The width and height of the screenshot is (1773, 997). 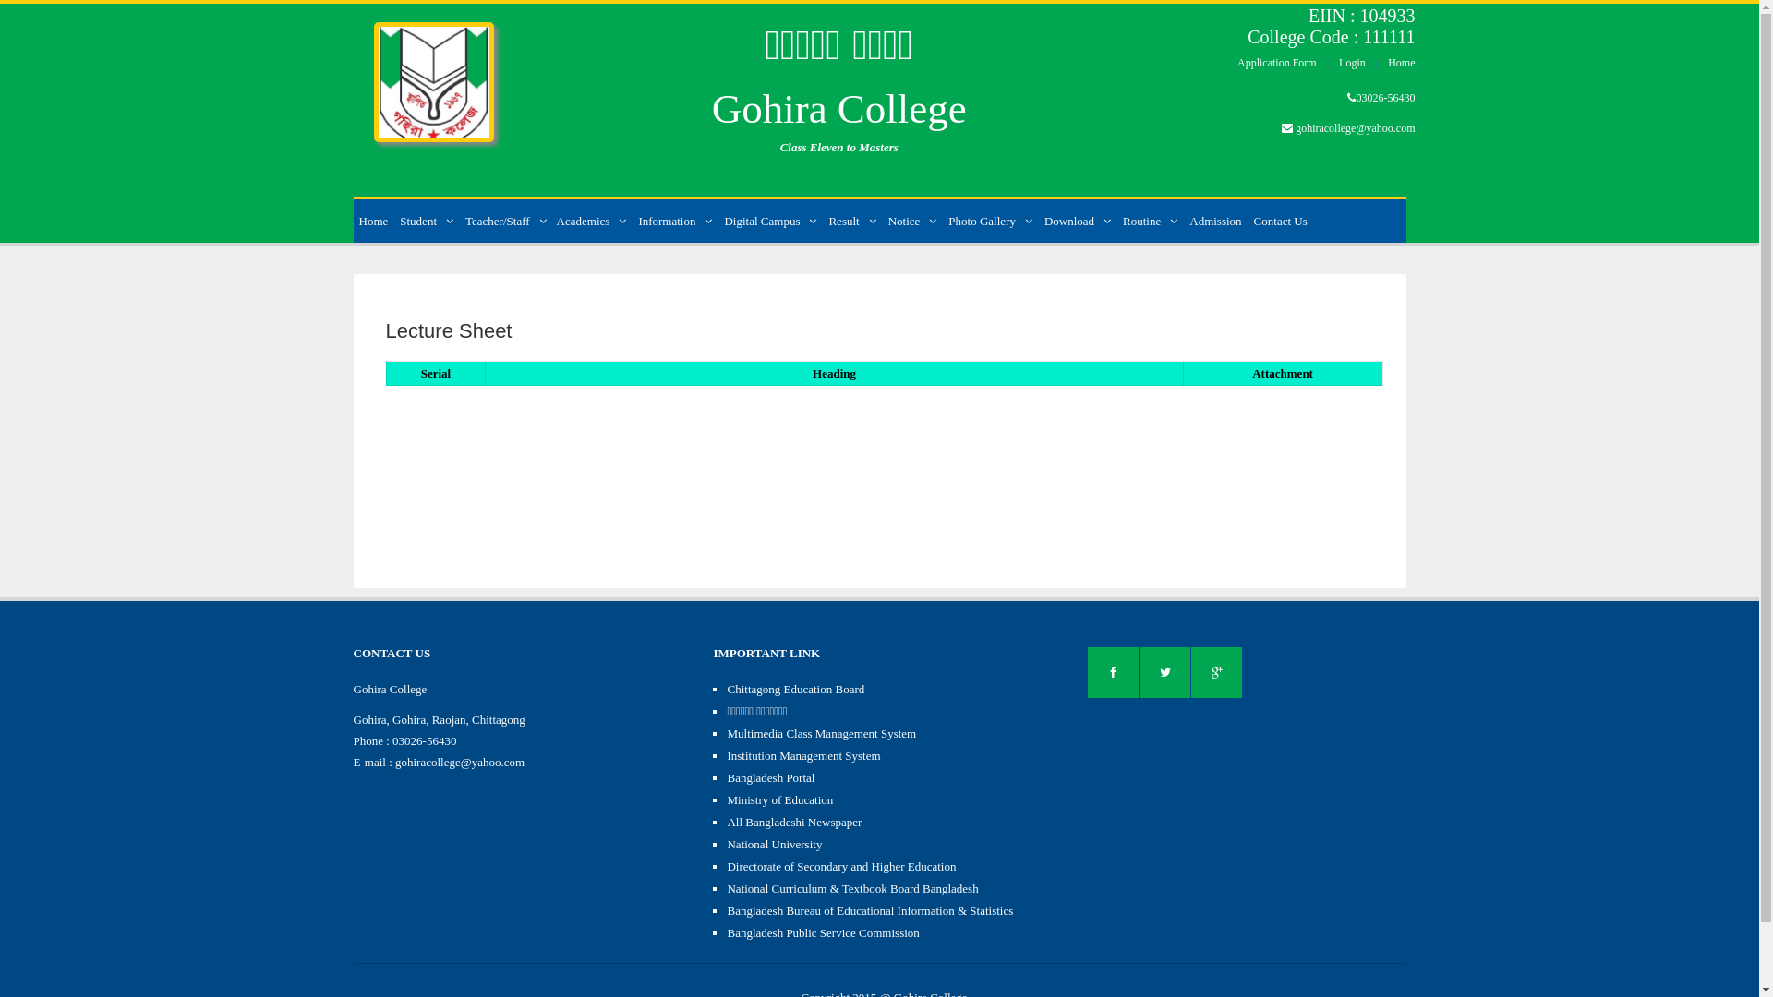 What do you see at coordinates (1077, 220) in the screenshot?
I see `'Download'` at bounding box center [1077, 220].